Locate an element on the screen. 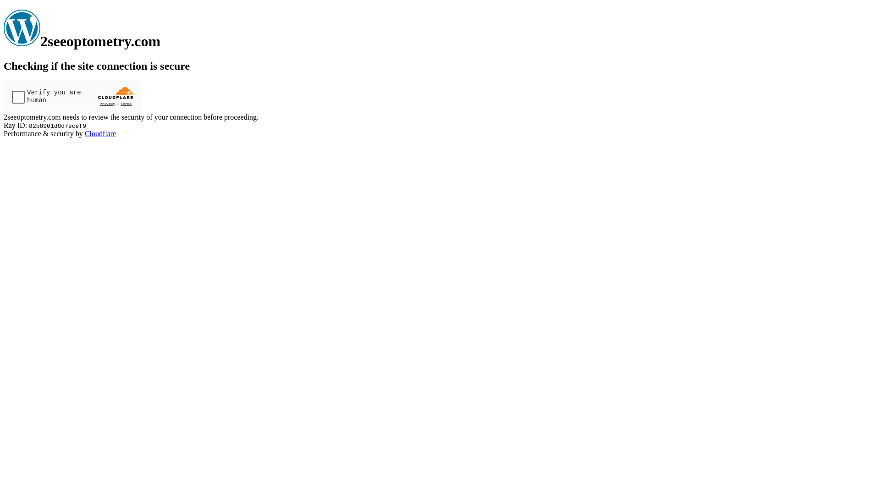 The height and width of the screenshot is (495, 880). 'Cloudflare' is located at coordinates (100, 133).